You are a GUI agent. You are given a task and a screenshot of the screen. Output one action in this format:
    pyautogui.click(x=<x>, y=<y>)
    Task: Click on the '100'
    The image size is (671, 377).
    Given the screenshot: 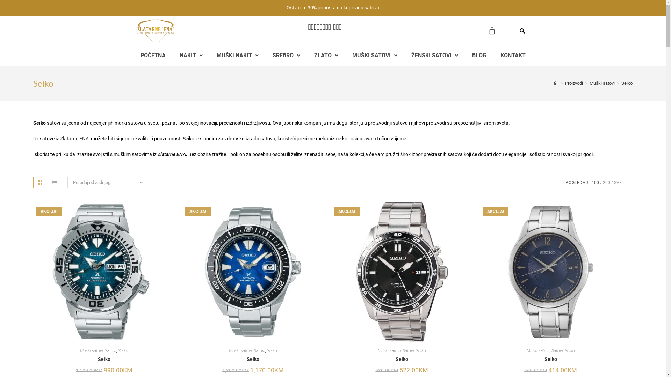 What is the action you would take?
    pyautogui.click(x=595, y=182)
    